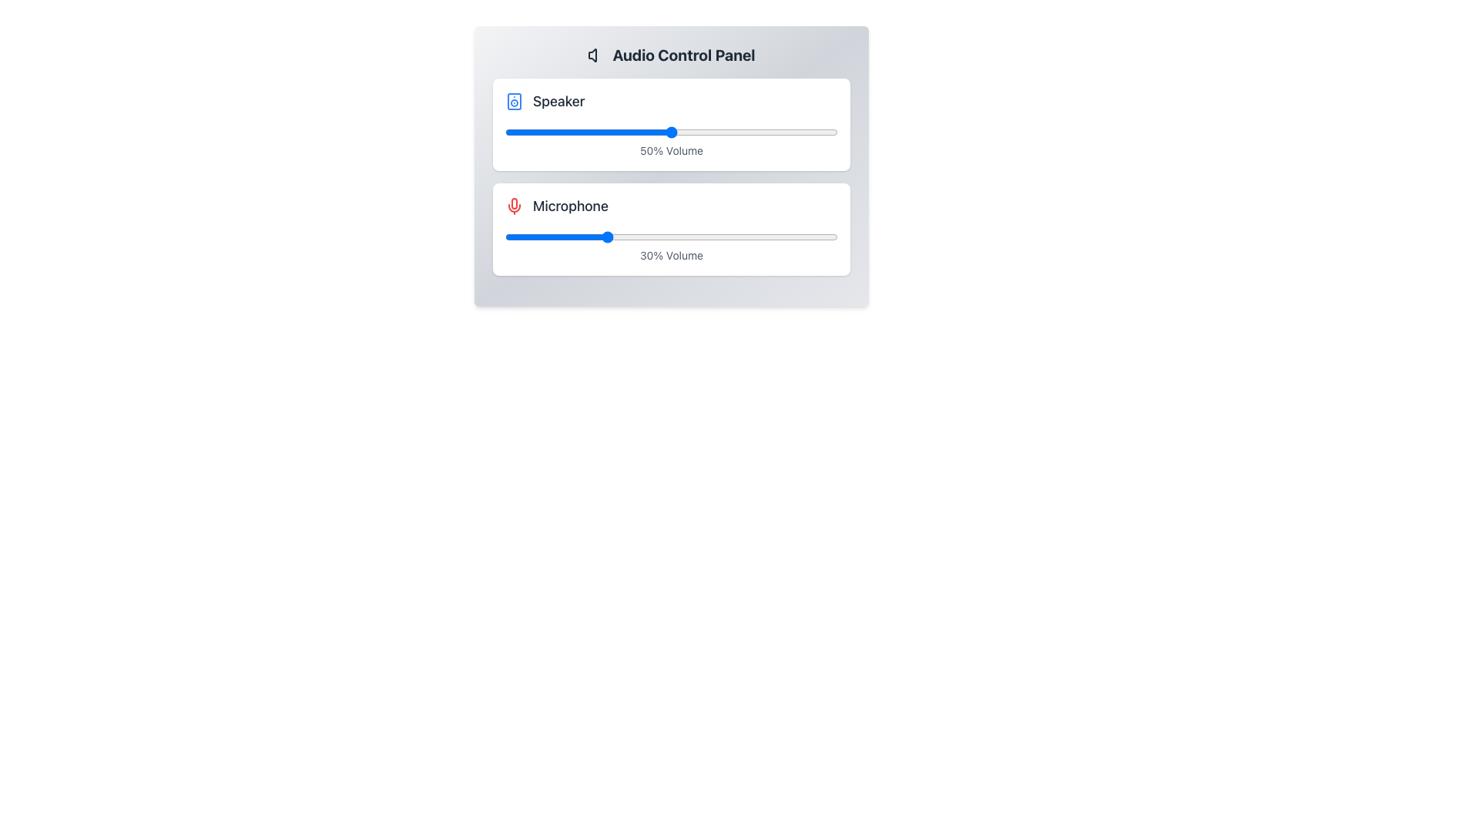 The height and width of the screenshot is (832, 1479). I want to click on the slider value, so click(552, 132).